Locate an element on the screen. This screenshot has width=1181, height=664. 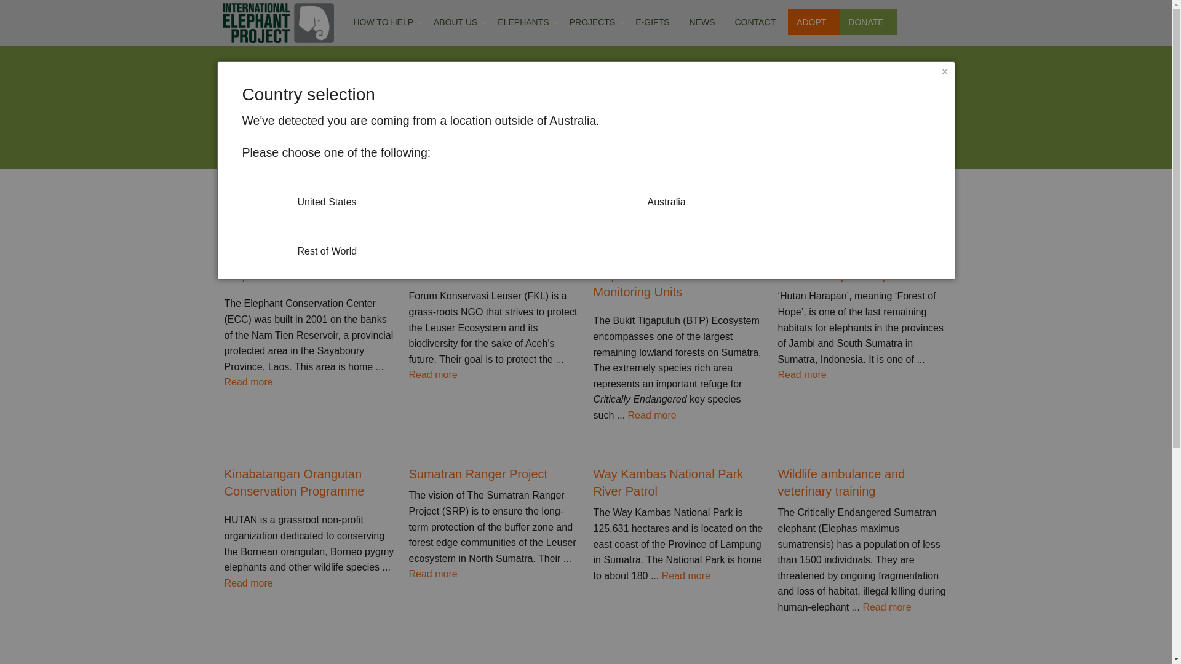
'THREATS FACING ASIAN ELEPHANTS' is located at coordinates (522, 90).